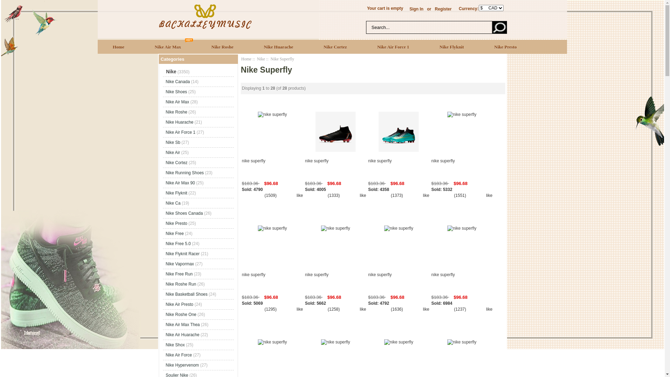  I want to click on 'Nike Cortez', so click(308, 46).